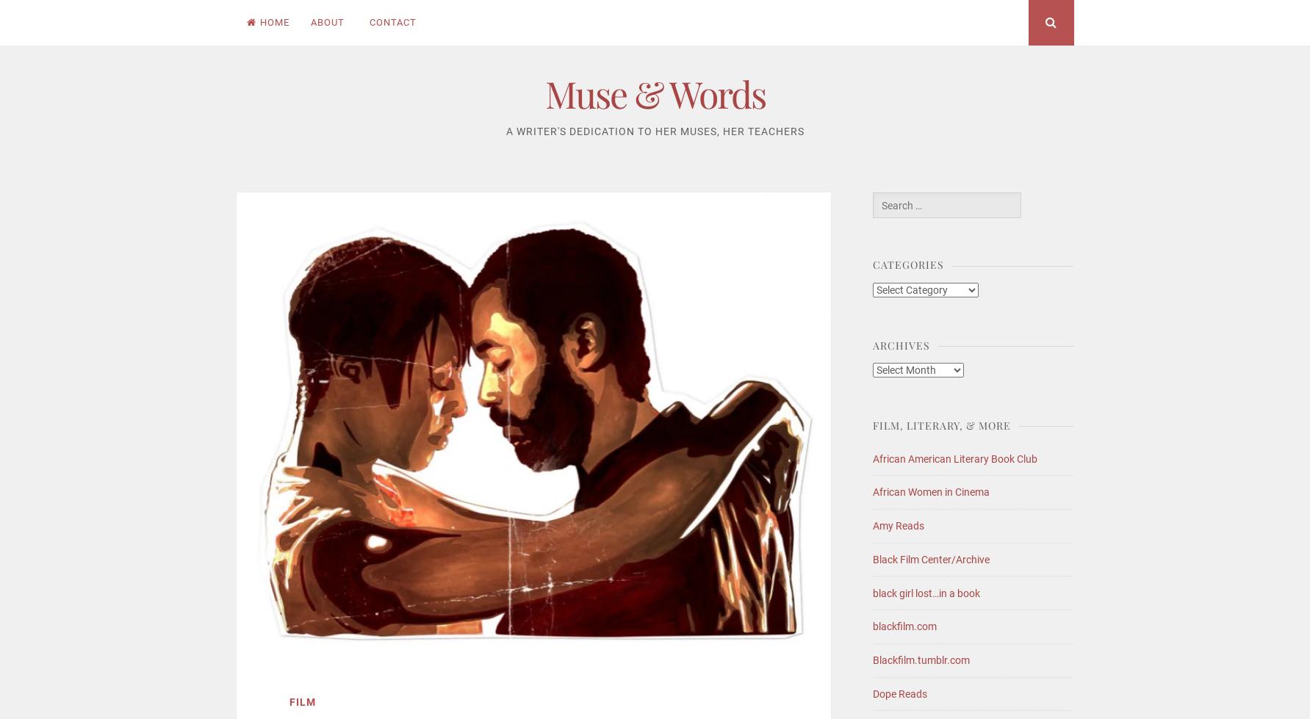  I want to click on 'Black Film Center/Archive', so click(930, 557).